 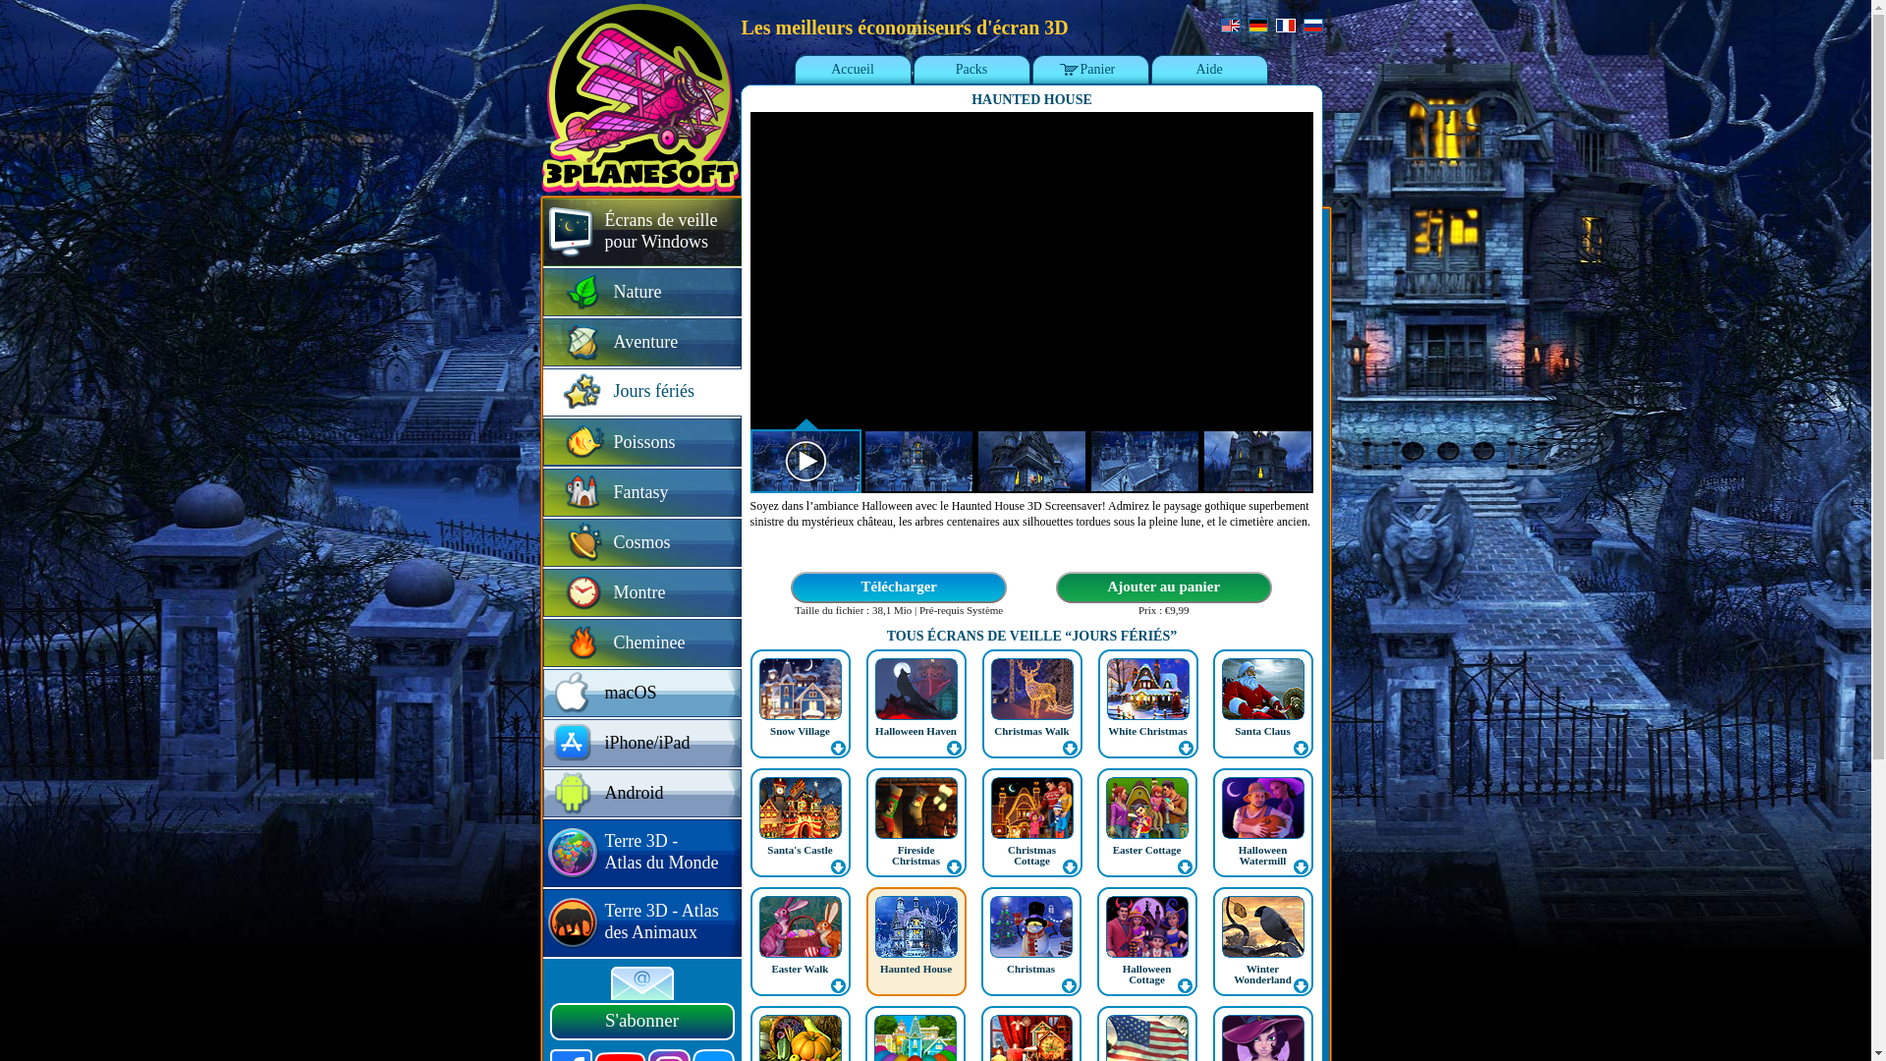 What do you see at coordinates (915, 822) in the screenshot?
I see `'Fireside Christmas'` at bounding box center [915, 822].